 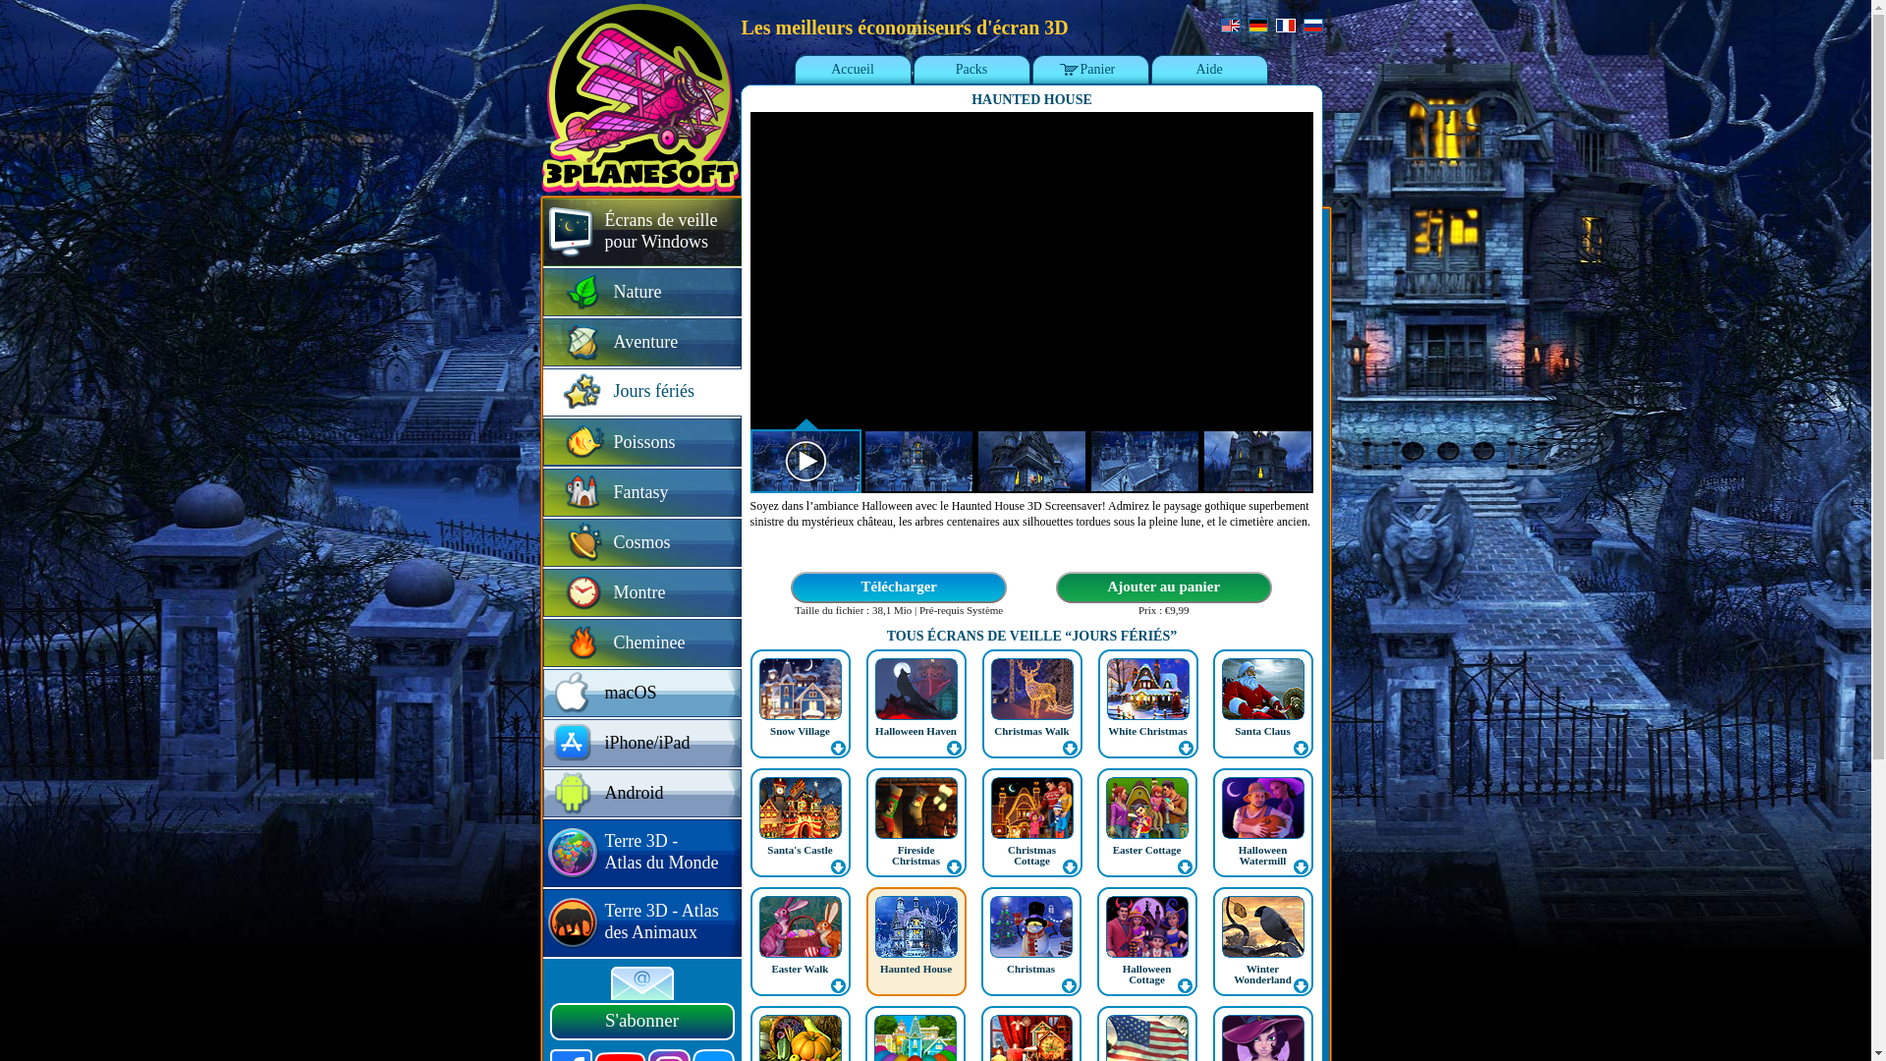 What do you see at coordinates (915, 822) in the screenshot?
I see `'Fireside Christmas'` at bounding box center [915, 822].